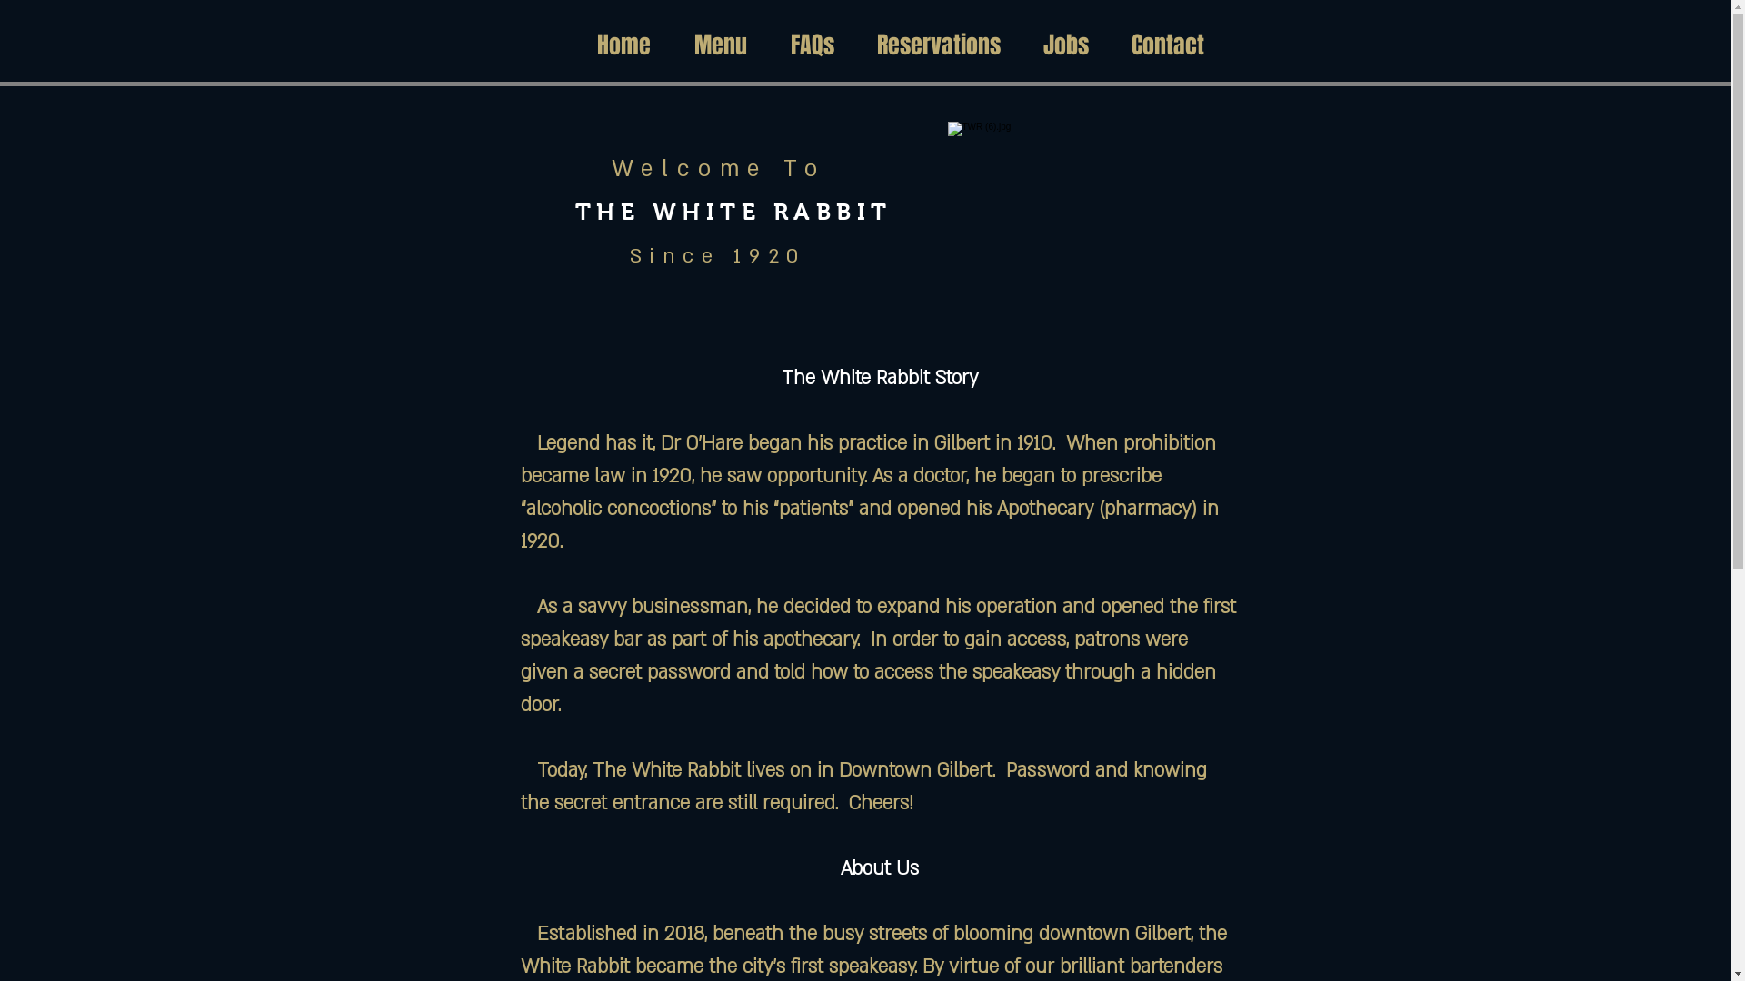 The width and height of the screenshot is (1745, 981). Describe the element at coordinates (811, 45) in the screenshot. I see `'FAQs'` at that location.